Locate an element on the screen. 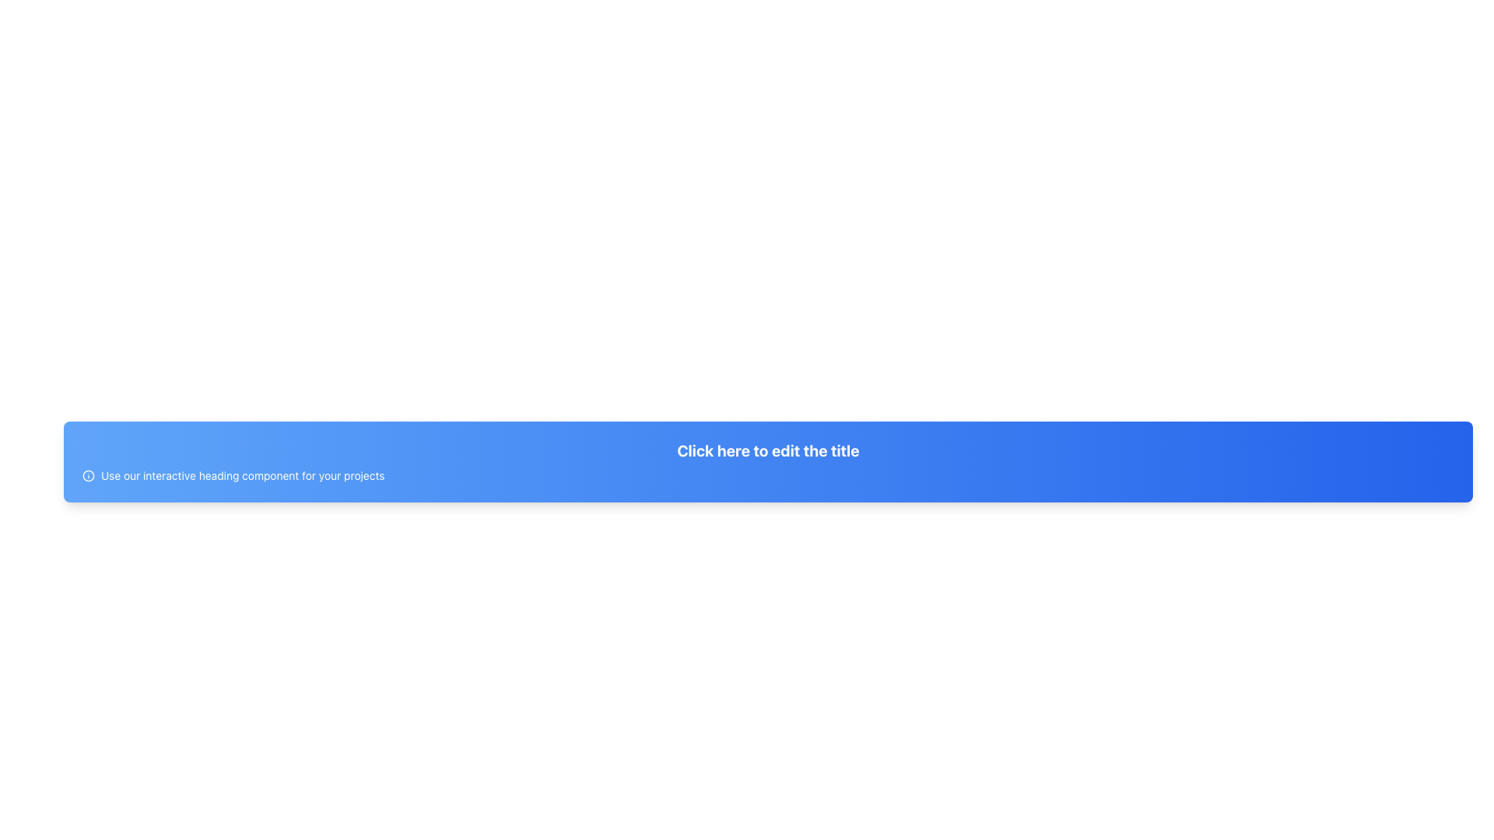 This screenshot has width=1494, height=840. the primary circular graphic element within the SVG icon, which is located near the left edge of a blue informational banner preceding the text 'Use our interactive heading component for your projects.' is located at coordinates (88, 475).